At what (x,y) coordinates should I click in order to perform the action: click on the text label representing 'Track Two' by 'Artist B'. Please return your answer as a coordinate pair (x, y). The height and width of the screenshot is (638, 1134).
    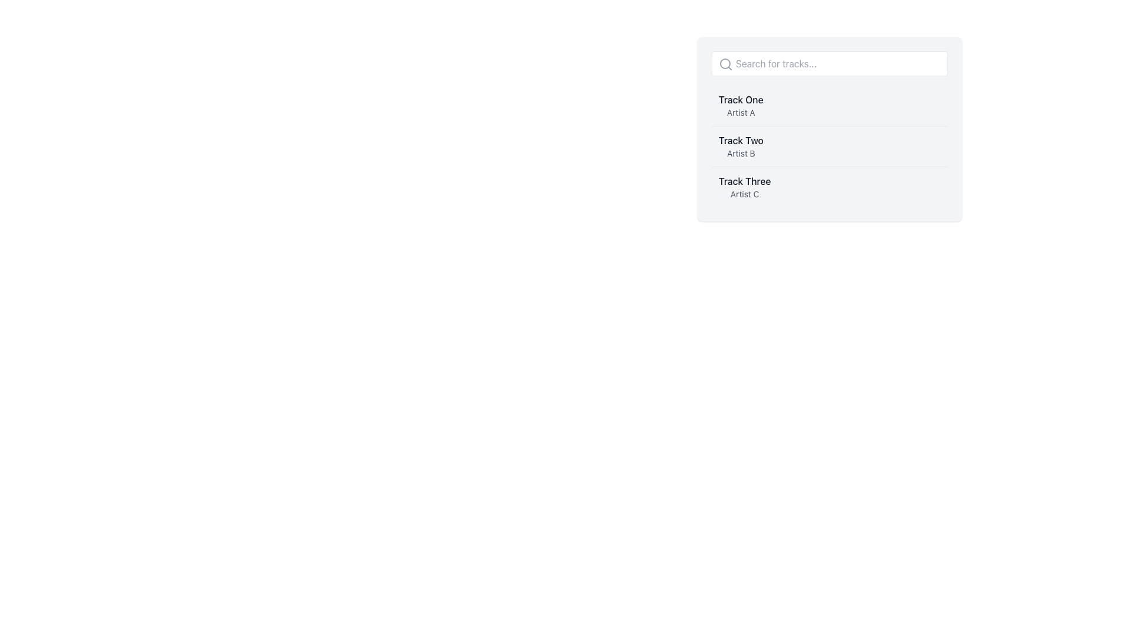
    Looking at the image, I should click on (740, 145).